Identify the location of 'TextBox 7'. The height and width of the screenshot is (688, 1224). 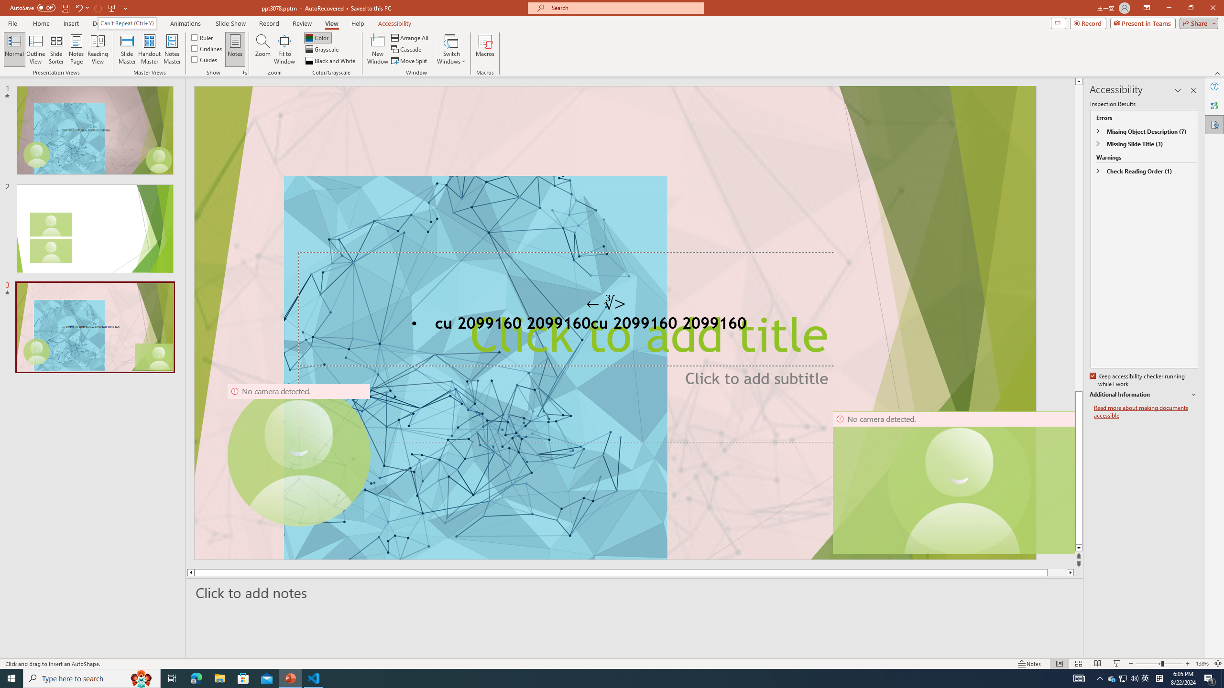
(606, 302).